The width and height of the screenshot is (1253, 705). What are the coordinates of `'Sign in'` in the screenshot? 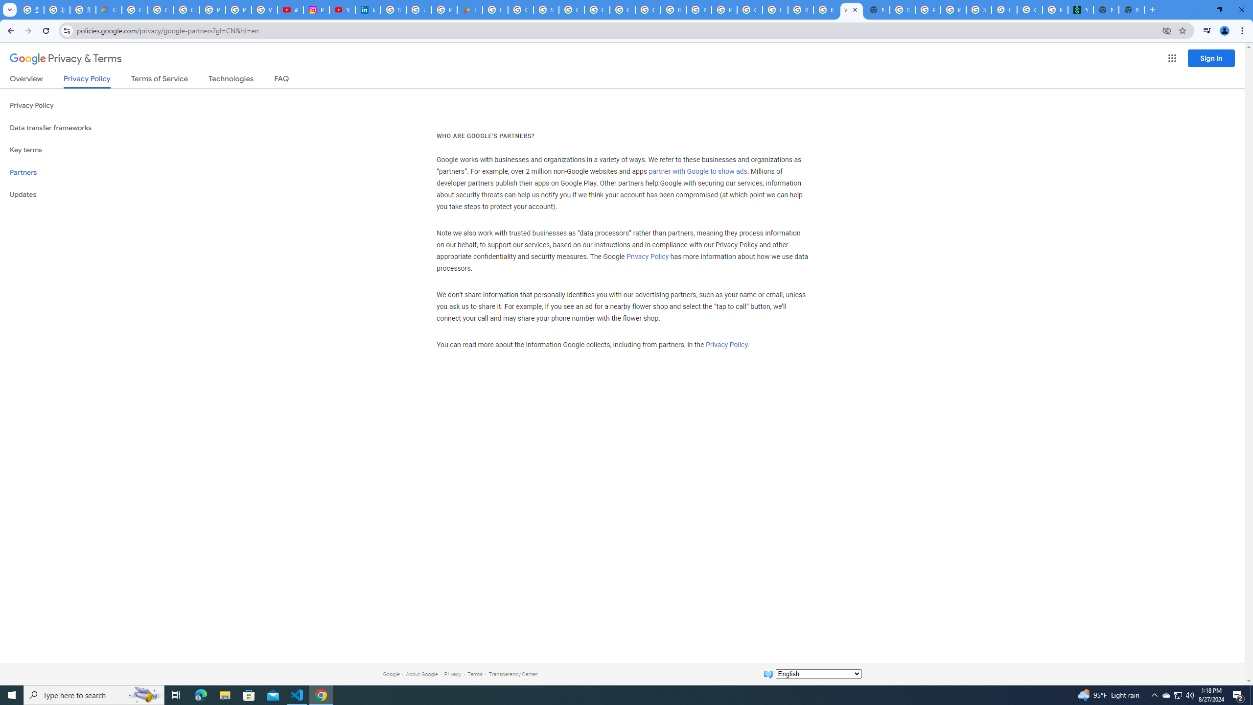 It's located at (1211, 58).